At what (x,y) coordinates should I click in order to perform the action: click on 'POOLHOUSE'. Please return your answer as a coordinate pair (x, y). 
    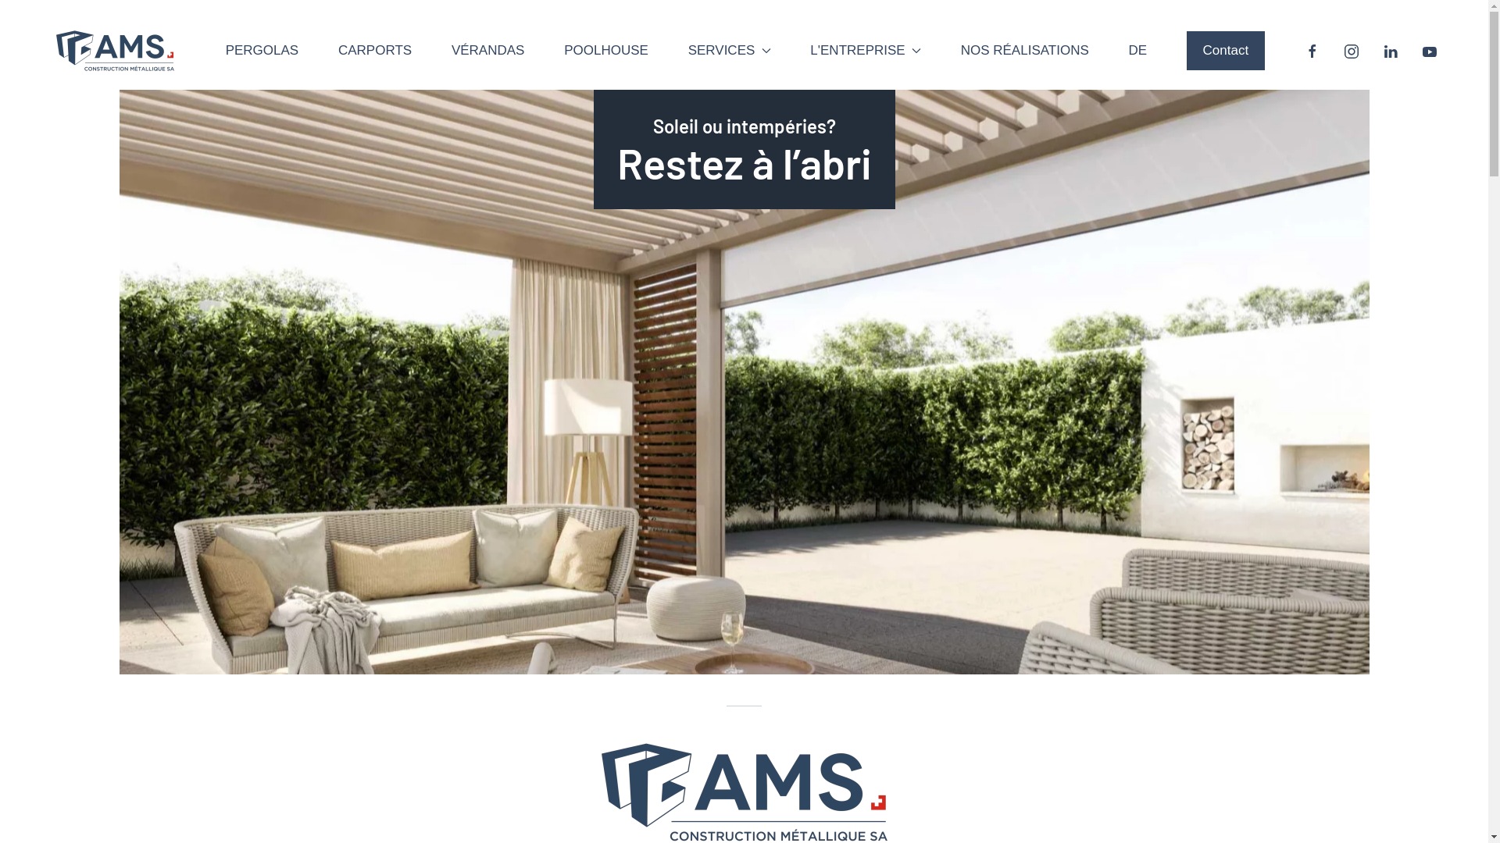
    Looking at the image, I should click on (605, 50).